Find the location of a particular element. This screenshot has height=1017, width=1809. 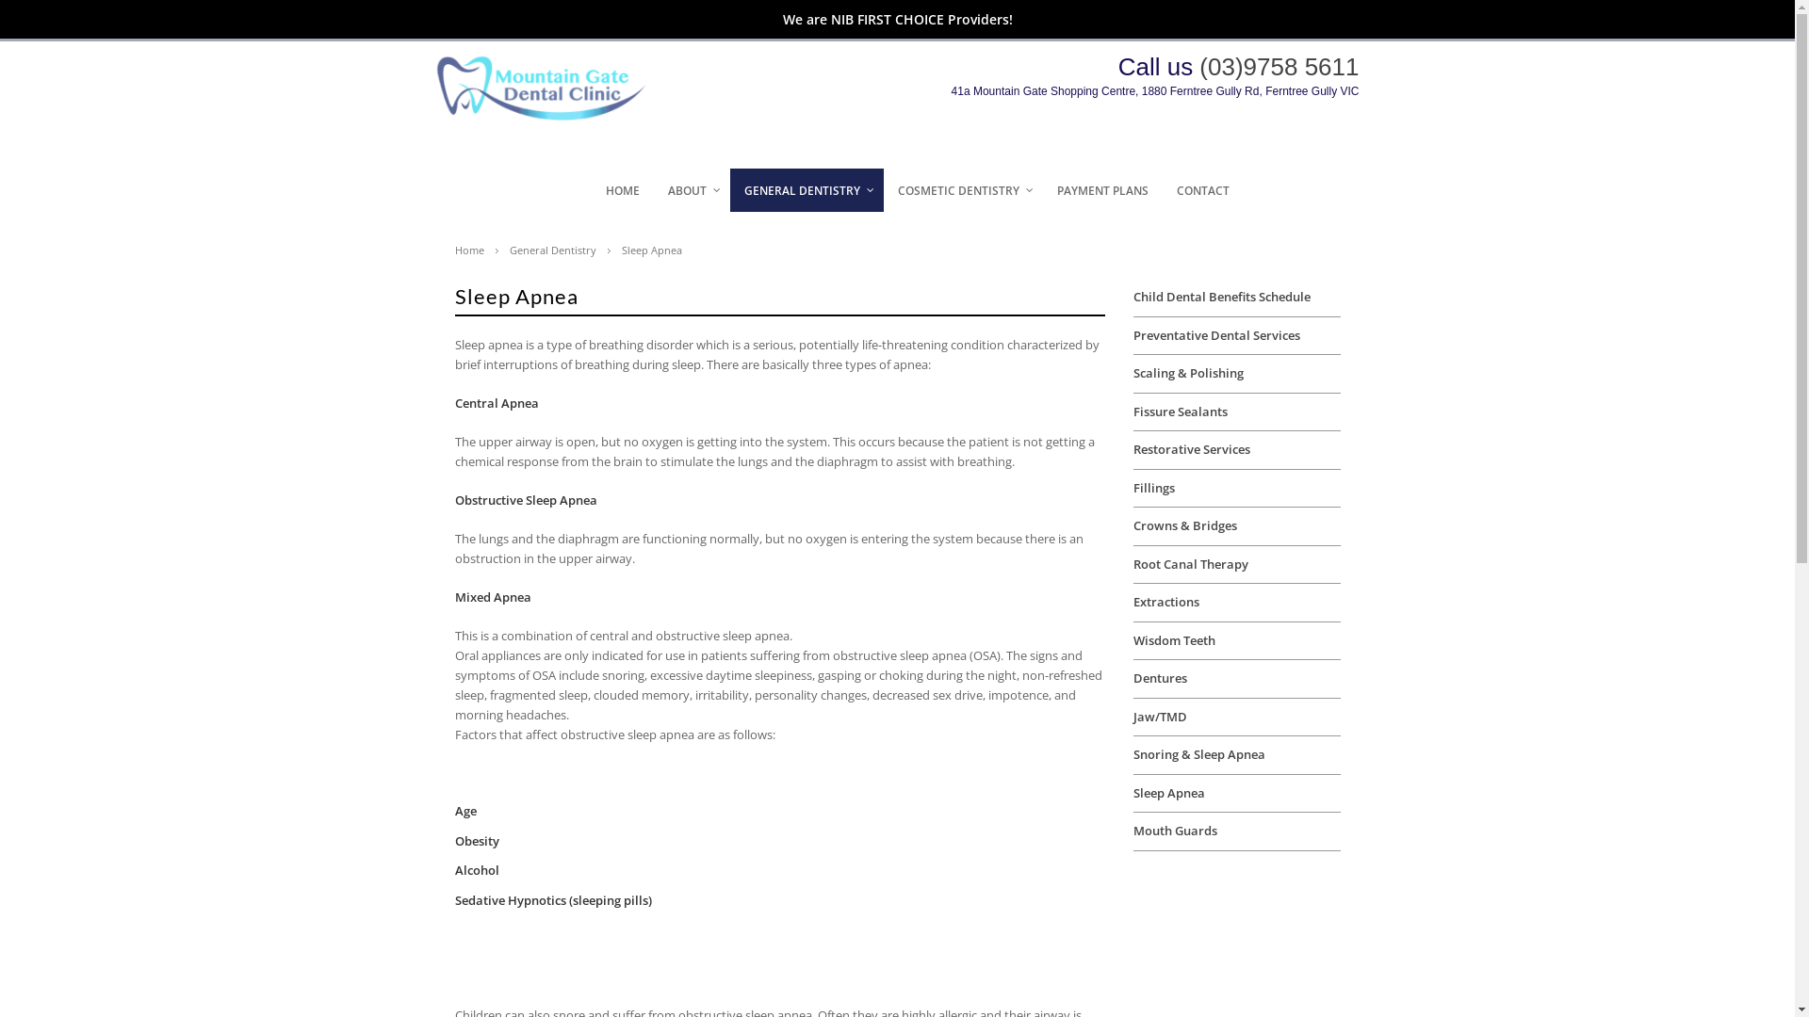

'Mouth Guards' is located at coordinates (1173, 830).